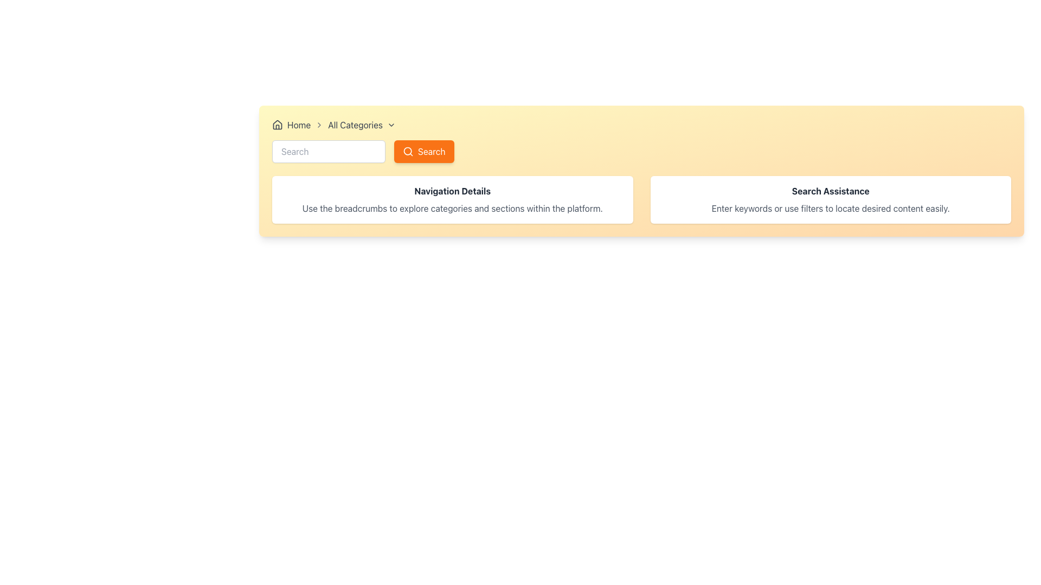  I want to click on the visual state of the second chevron arrow icon in the breadcrumb navigation sequence, located between 'Home' and 'All Categories', so click(319, 125).